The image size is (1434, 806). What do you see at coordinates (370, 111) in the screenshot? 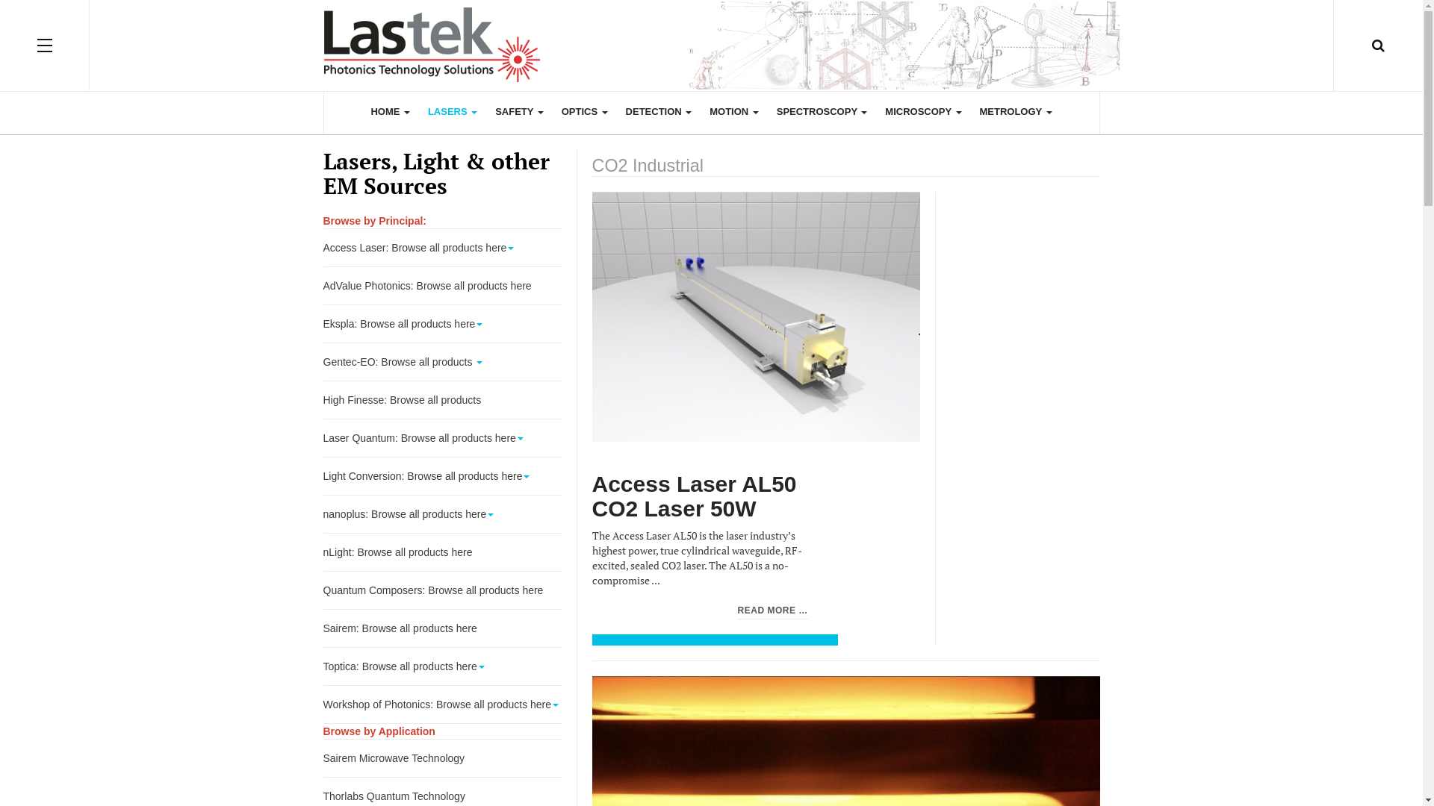
I see `'HOME'` at bounding box center [370, 111].